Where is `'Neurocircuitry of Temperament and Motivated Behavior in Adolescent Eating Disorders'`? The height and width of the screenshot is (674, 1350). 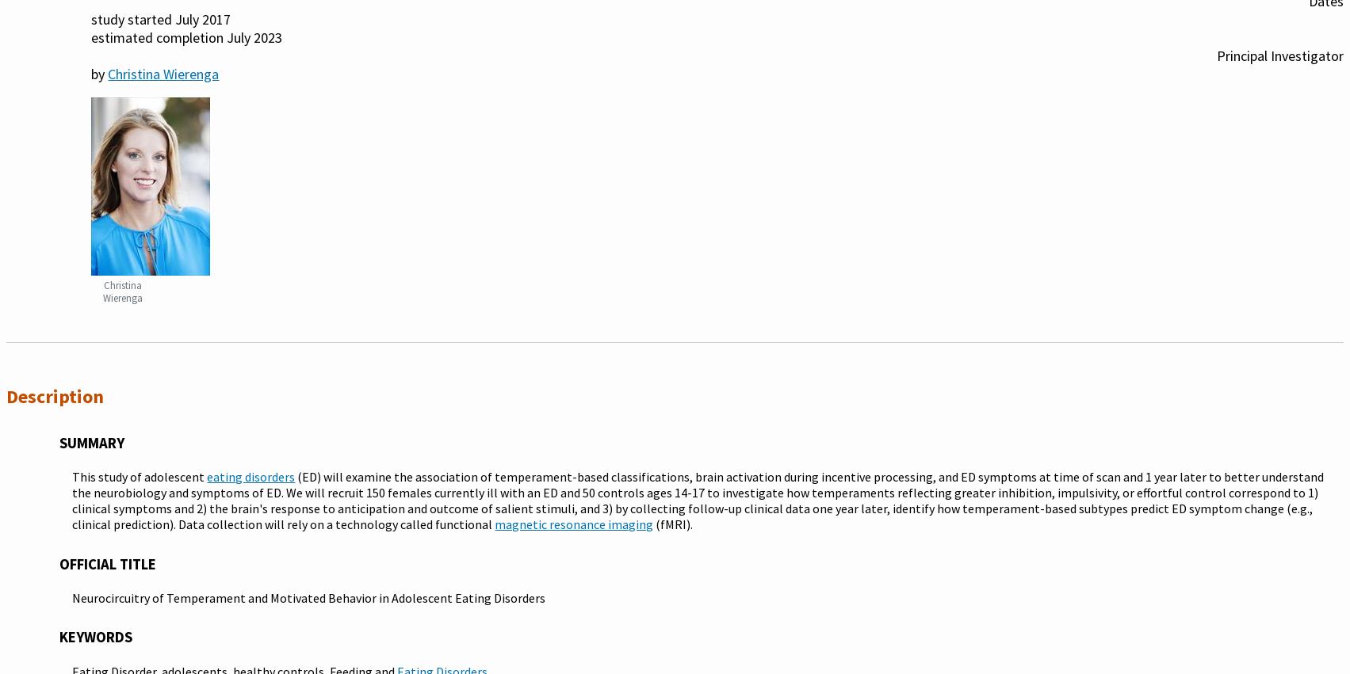
'Neurocircuitry of Temperament and Motivated Behavior in Adolescent Eating Disorders' is located at coordinates (308, 598).